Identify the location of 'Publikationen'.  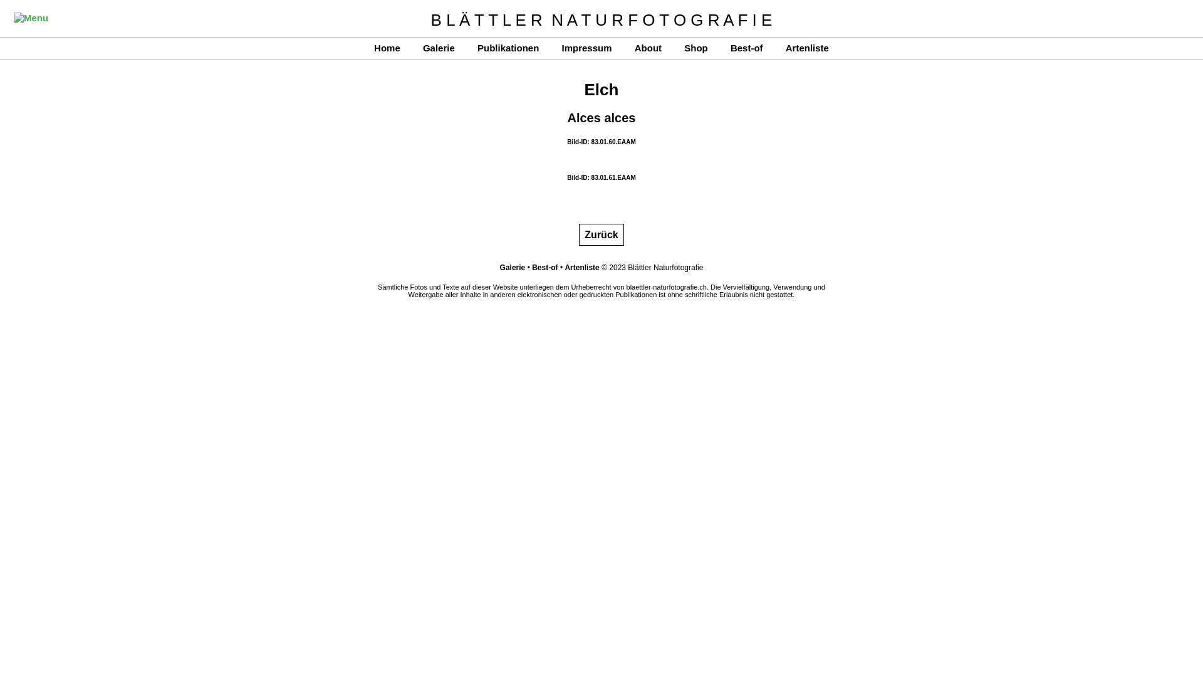
(508, 47).